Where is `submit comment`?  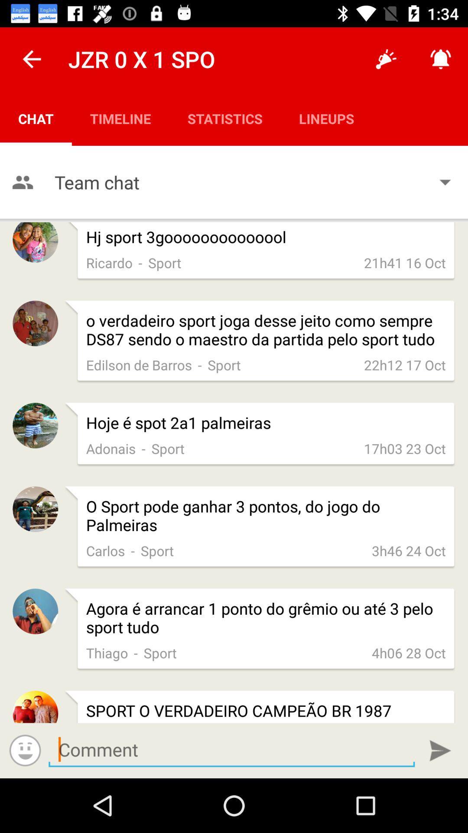
submit comment is located at coordinates (440, 750).